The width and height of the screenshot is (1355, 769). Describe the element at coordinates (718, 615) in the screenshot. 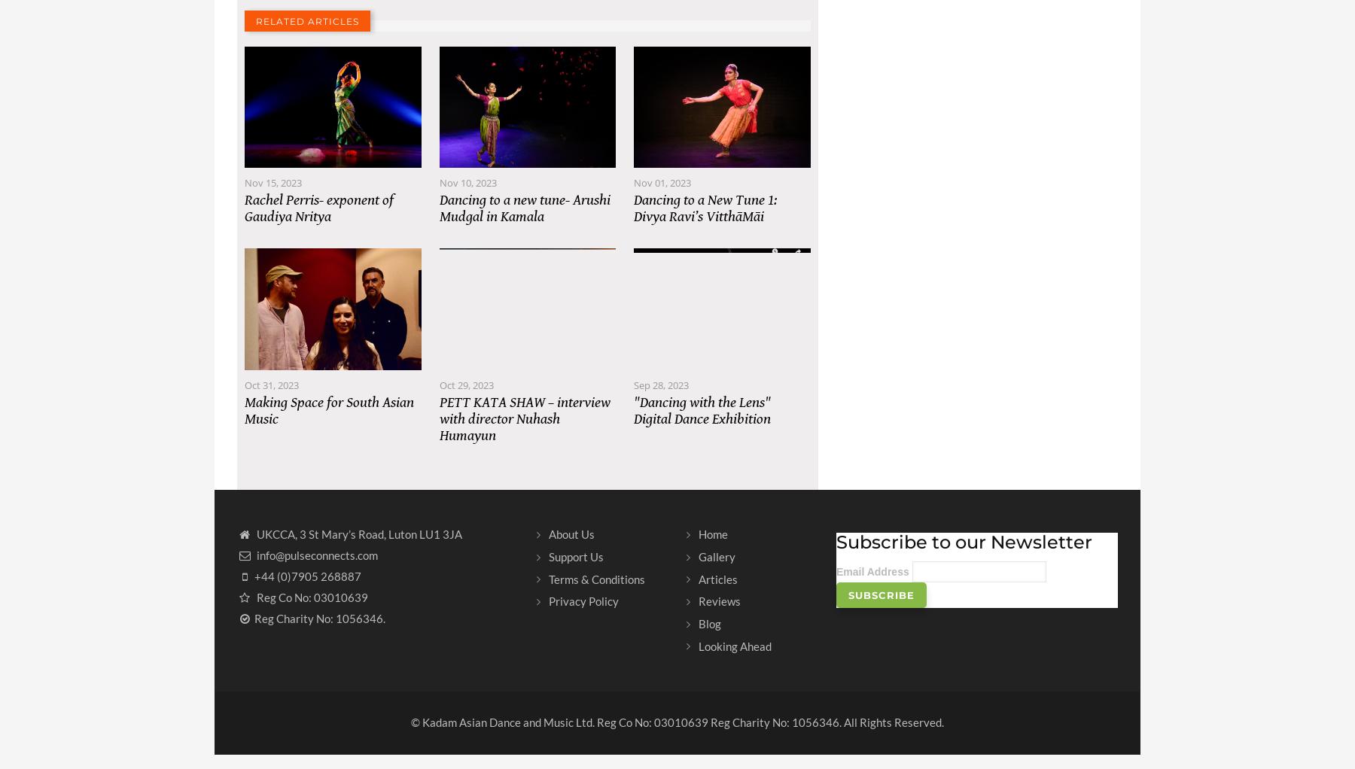

I see `'Reviews'` at that location.